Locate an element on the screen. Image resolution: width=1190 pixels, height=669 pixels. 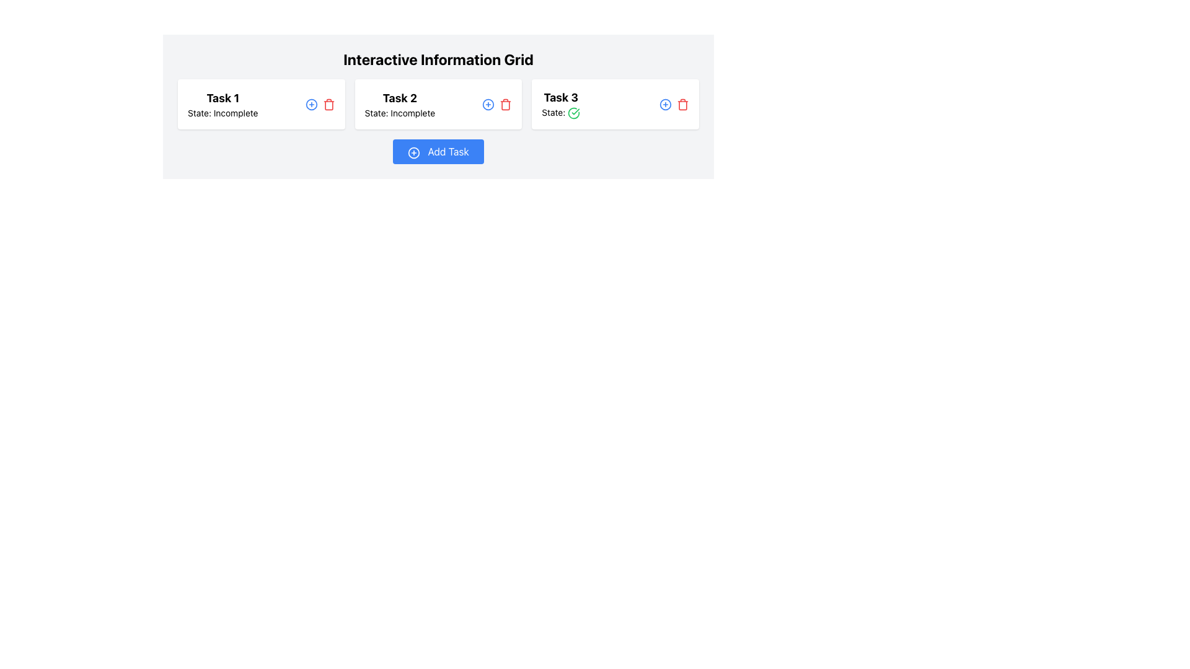
the button used to initiate the process of adding a new task to the grid, which is located centrally below the task panels labeled 'Task 1,' 'Task 2,' and 'Task 3.' is located at coordinates (438, 151).